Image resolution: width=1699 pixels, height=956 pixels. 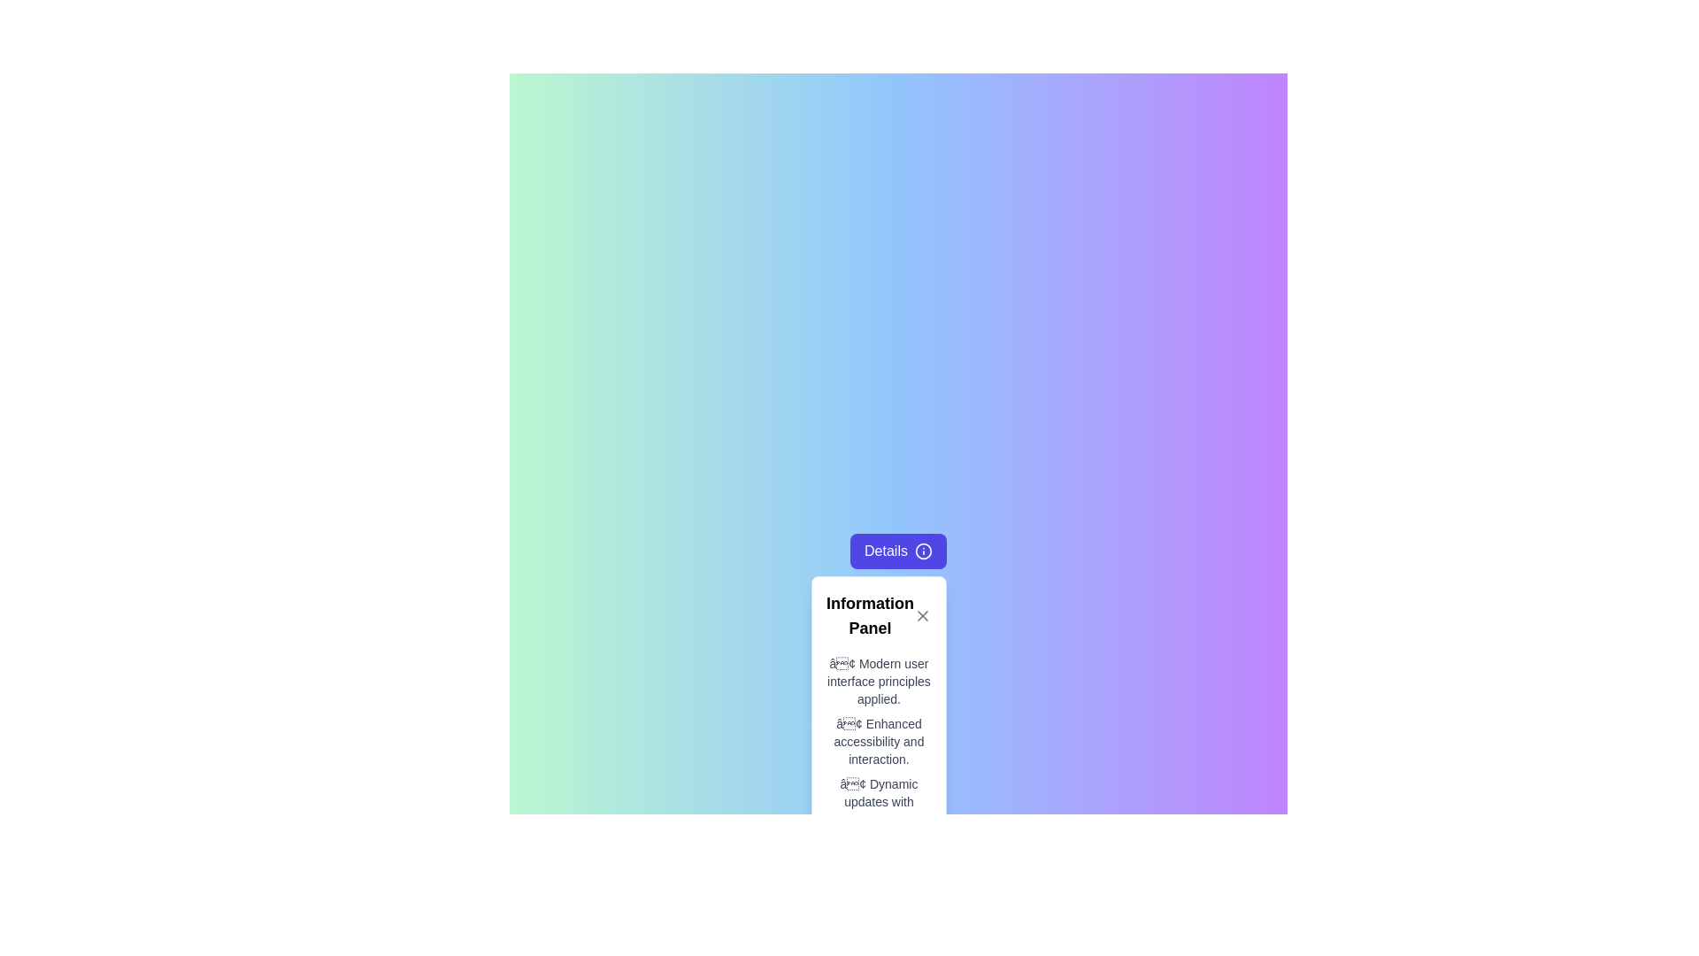 What do you see at coordinates (921, 614) in the screenshot?
I see `the close button located on the right side of the 'Information Panel' header to change its color` at bounding box center [921, 614].